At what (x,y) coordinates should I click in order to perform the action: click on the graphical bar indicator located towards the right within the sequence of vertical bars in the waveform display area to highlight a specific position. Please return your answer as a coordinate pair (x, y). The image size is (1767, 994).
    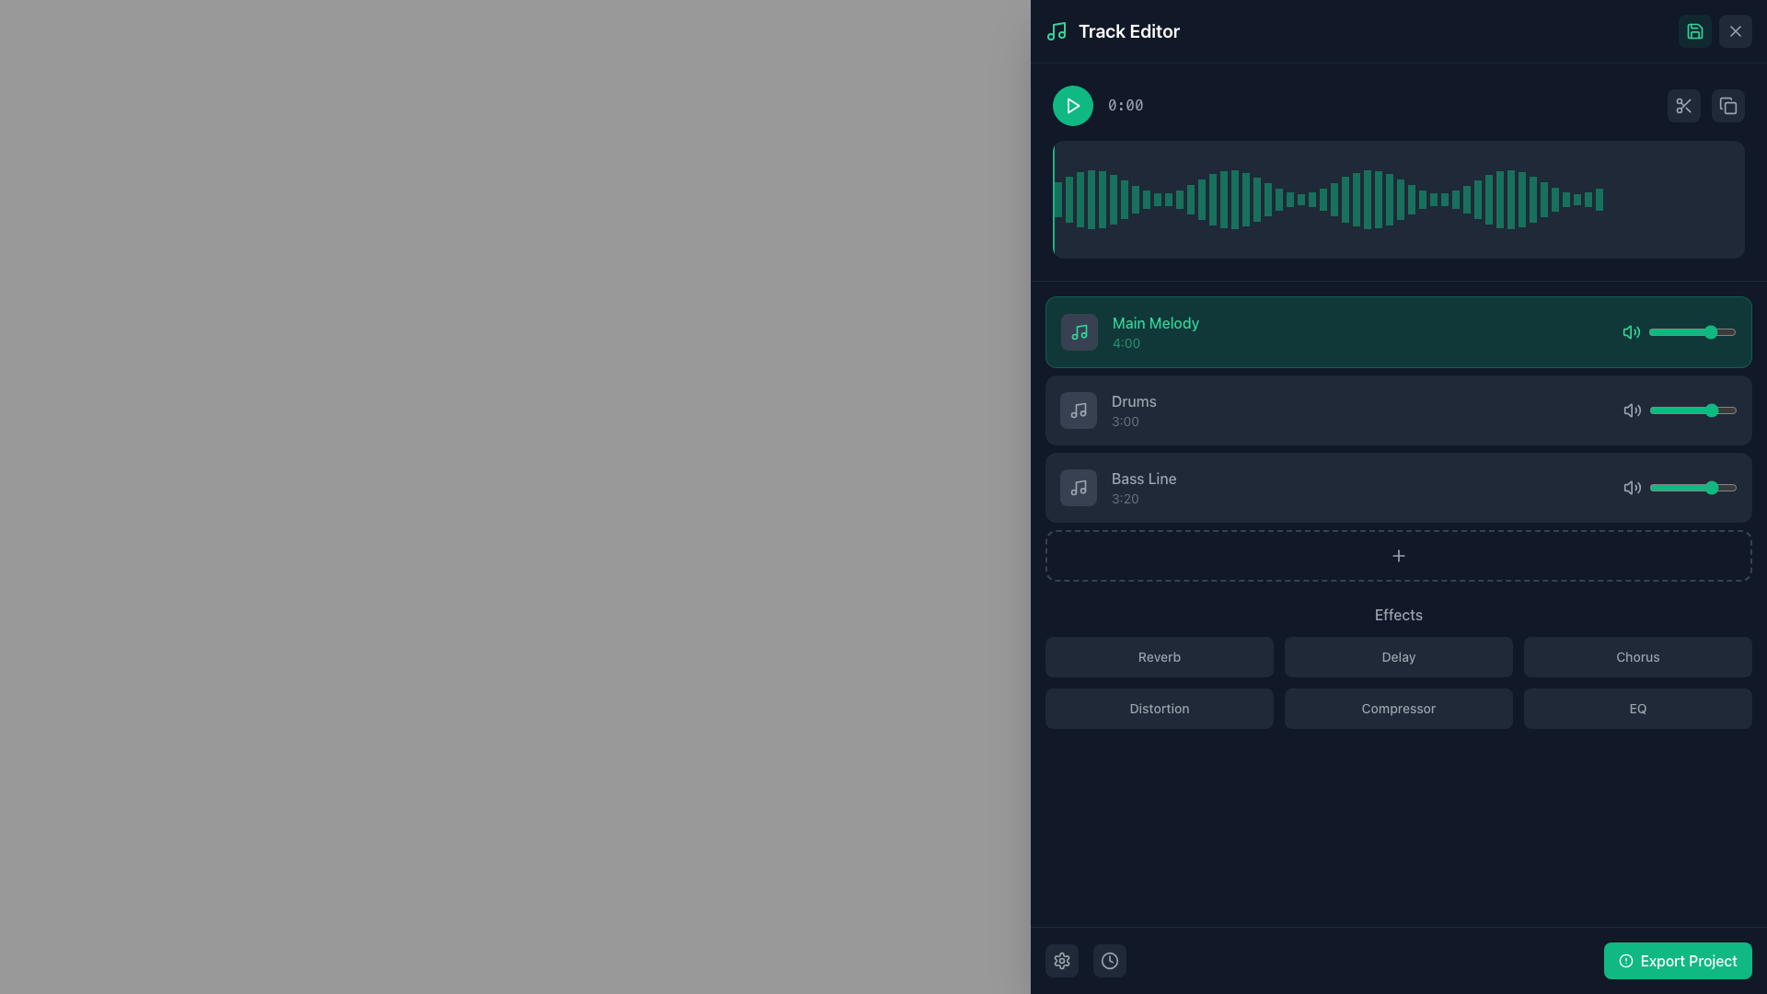
    Looking at the image, I should click on (1465, 199).